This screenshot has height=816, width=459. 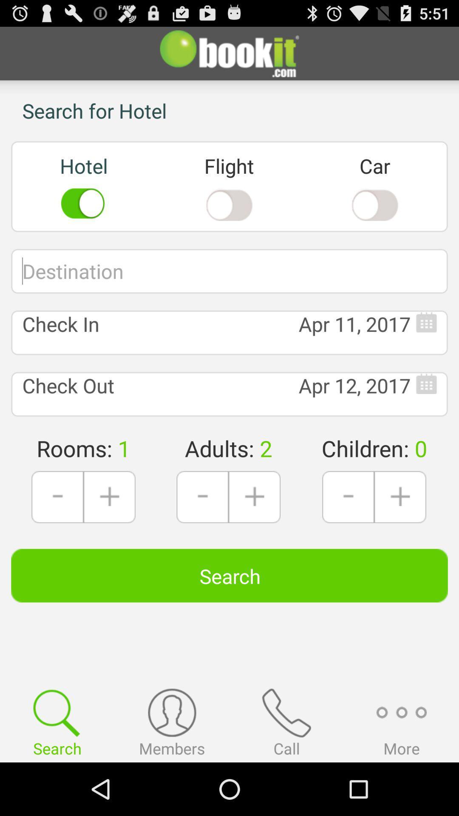 I want to click on the add icon, so click(x=400, y=531).